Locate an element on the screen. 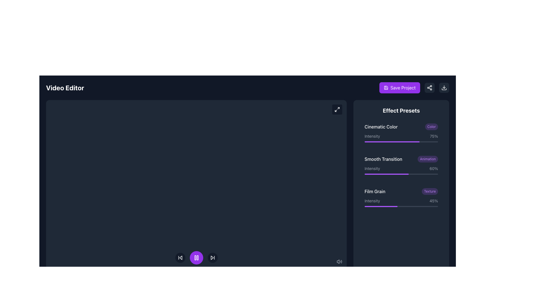 Image resolution: width=536 pixels, height=301 pixels. the intensity slider is located at coordinates (435, 206).